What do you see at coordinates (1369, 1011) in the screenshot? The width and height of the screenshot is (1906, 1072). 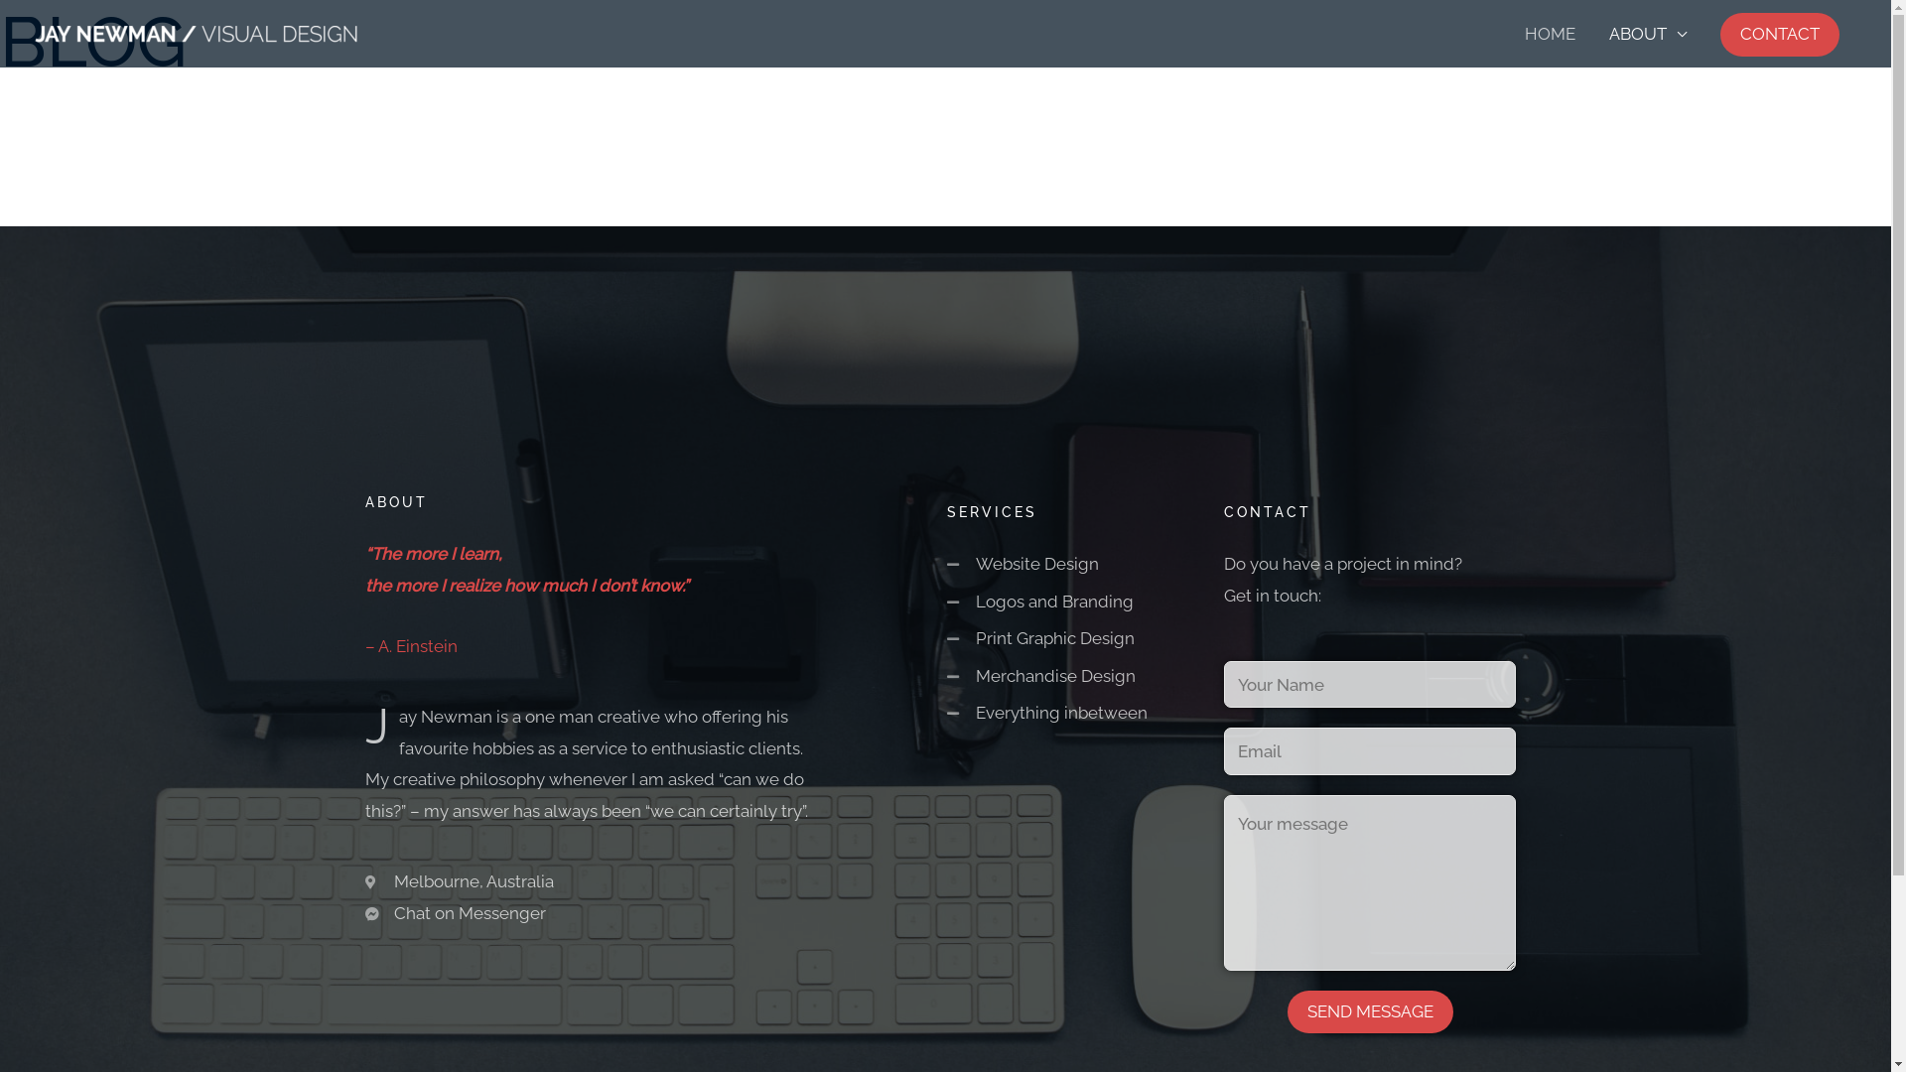 I see `'SEND MESSAGE'` at bounding box center [1369, 1011].